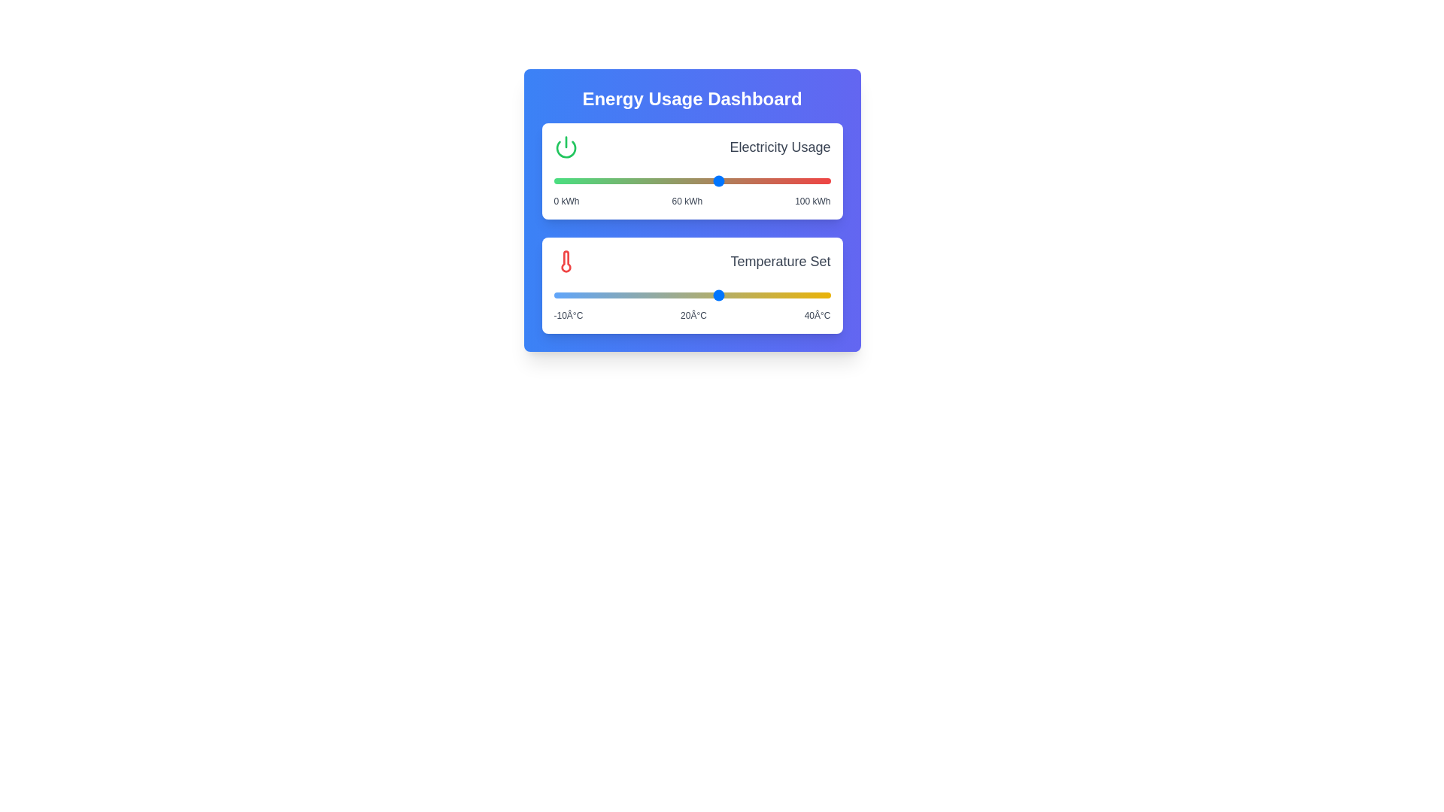  Describe the element at coordinates (816, 180) in the screenshot. I see `the electricity usage slider to 95 kWh` at that location.